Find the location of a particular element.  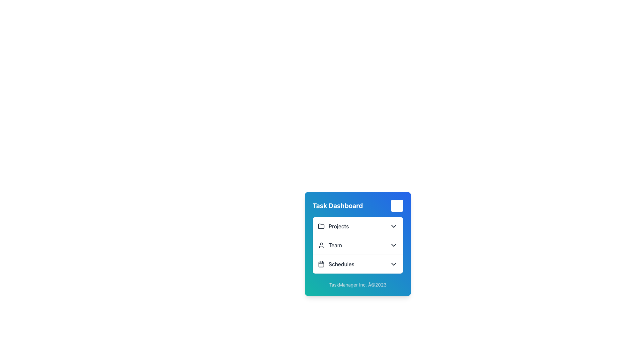

the dropdown arrow on the 'Projects' list item at the top of the vertical list within the blue-to-green gradient card labeled 'Task Dashboard' is located at coordinates (357, 226).